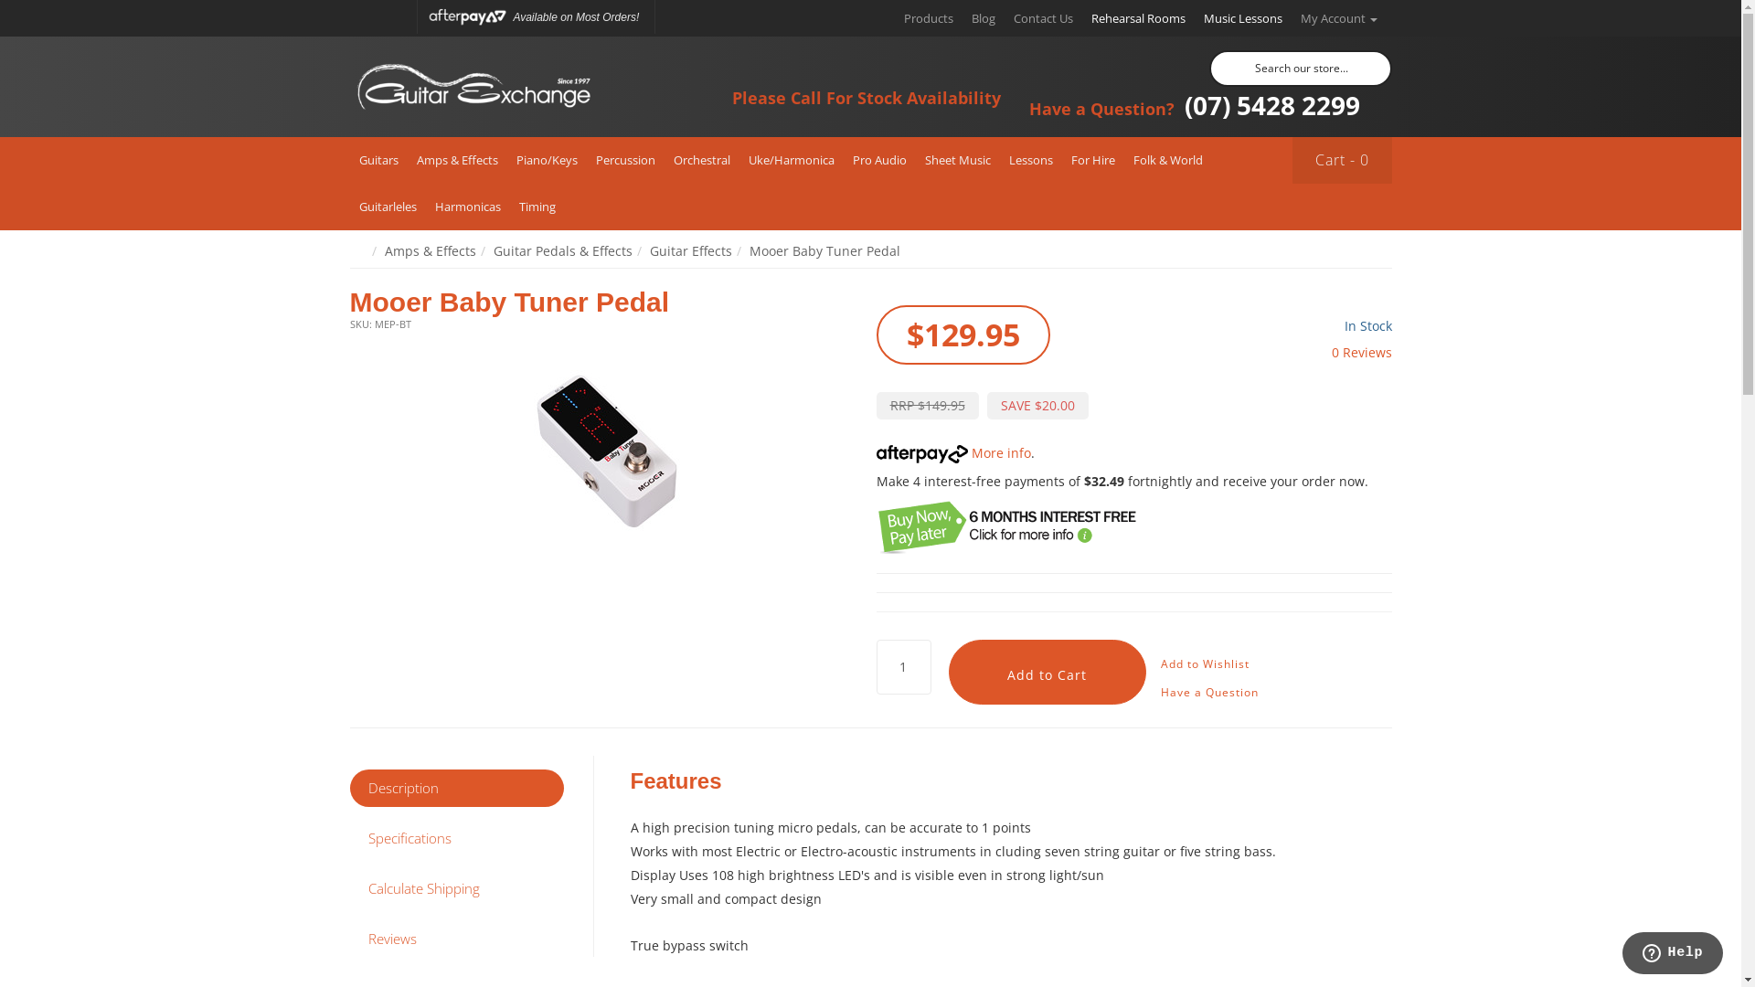 The width and height of the screenshot is (1755, 987). What do you see at coordinates (377, 159) in the screenshot?
I see `'Guitars'` at bounding box center [377, 159].